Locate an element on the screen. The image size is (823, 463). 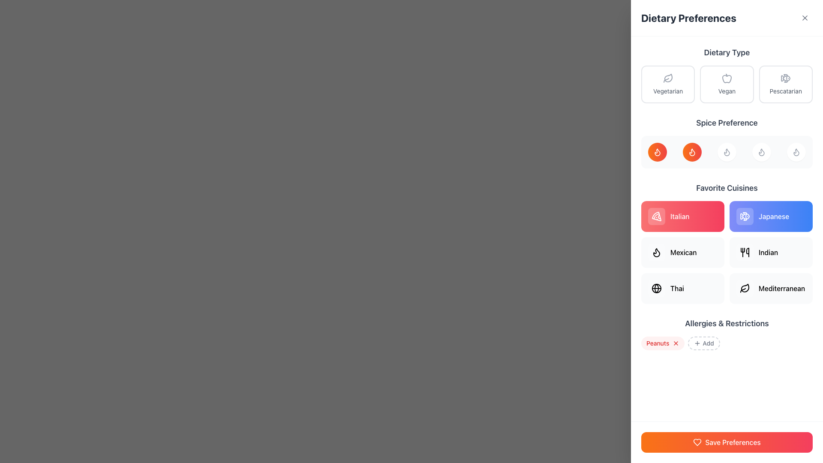
the 'Mediterranean' cuisine icon located in the 'Favorite Cuisines' section, which is the last box on the right in the grid layout is located at coordinates (744, 288).